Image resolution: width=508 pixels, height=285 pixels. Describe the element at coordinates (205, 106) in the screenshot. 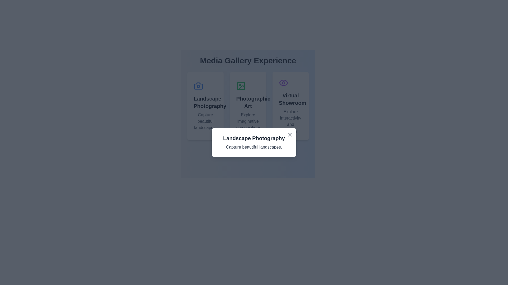

I see `the first interactive card representing landscape photography` at that location.